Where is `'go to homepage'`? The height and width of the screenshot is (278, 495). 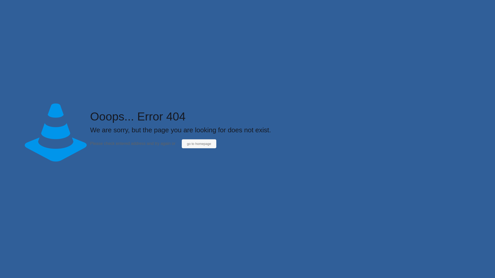
'go to homepage' is located at coordinates (182, 144).